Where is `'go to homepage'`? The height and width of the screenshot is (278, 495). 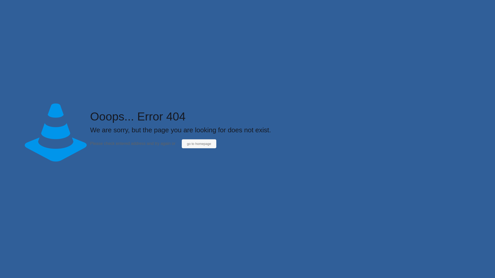
'go to homepage' is located at coordinates (182, 144).